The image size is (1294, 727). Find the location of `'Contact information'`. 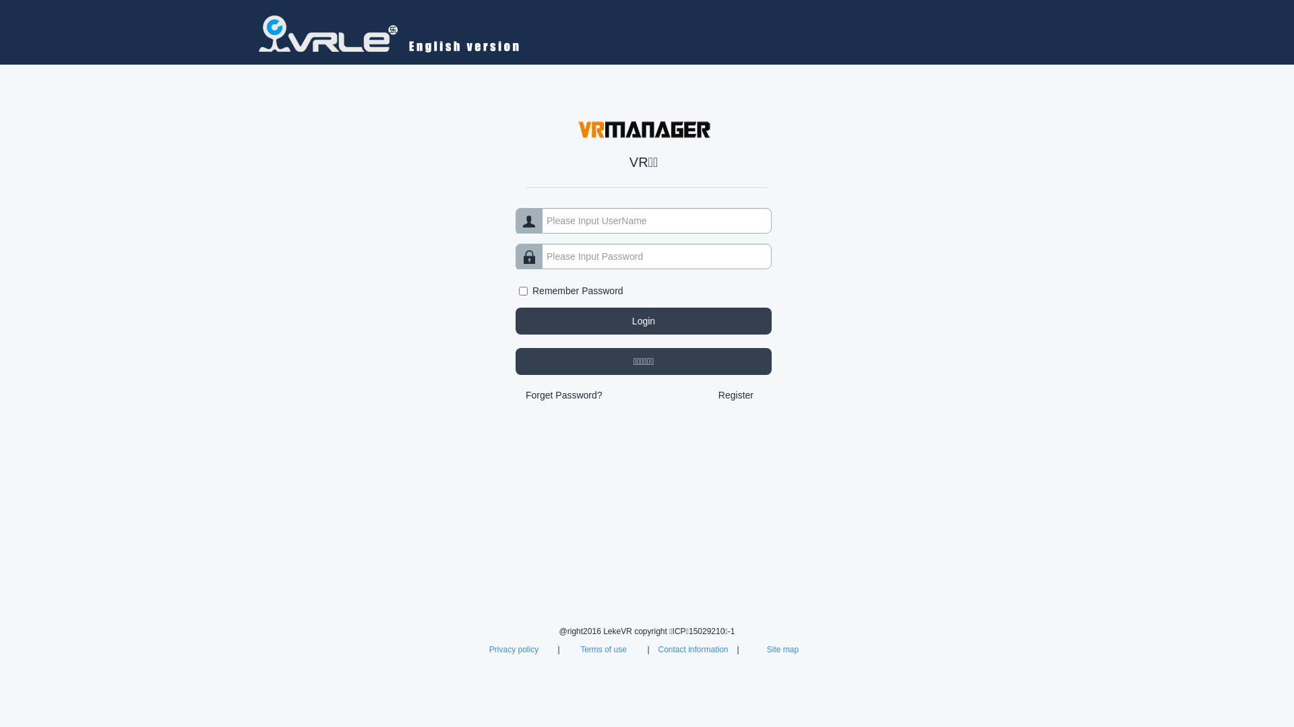

'Contact information' is located at coordinates (657, 648).